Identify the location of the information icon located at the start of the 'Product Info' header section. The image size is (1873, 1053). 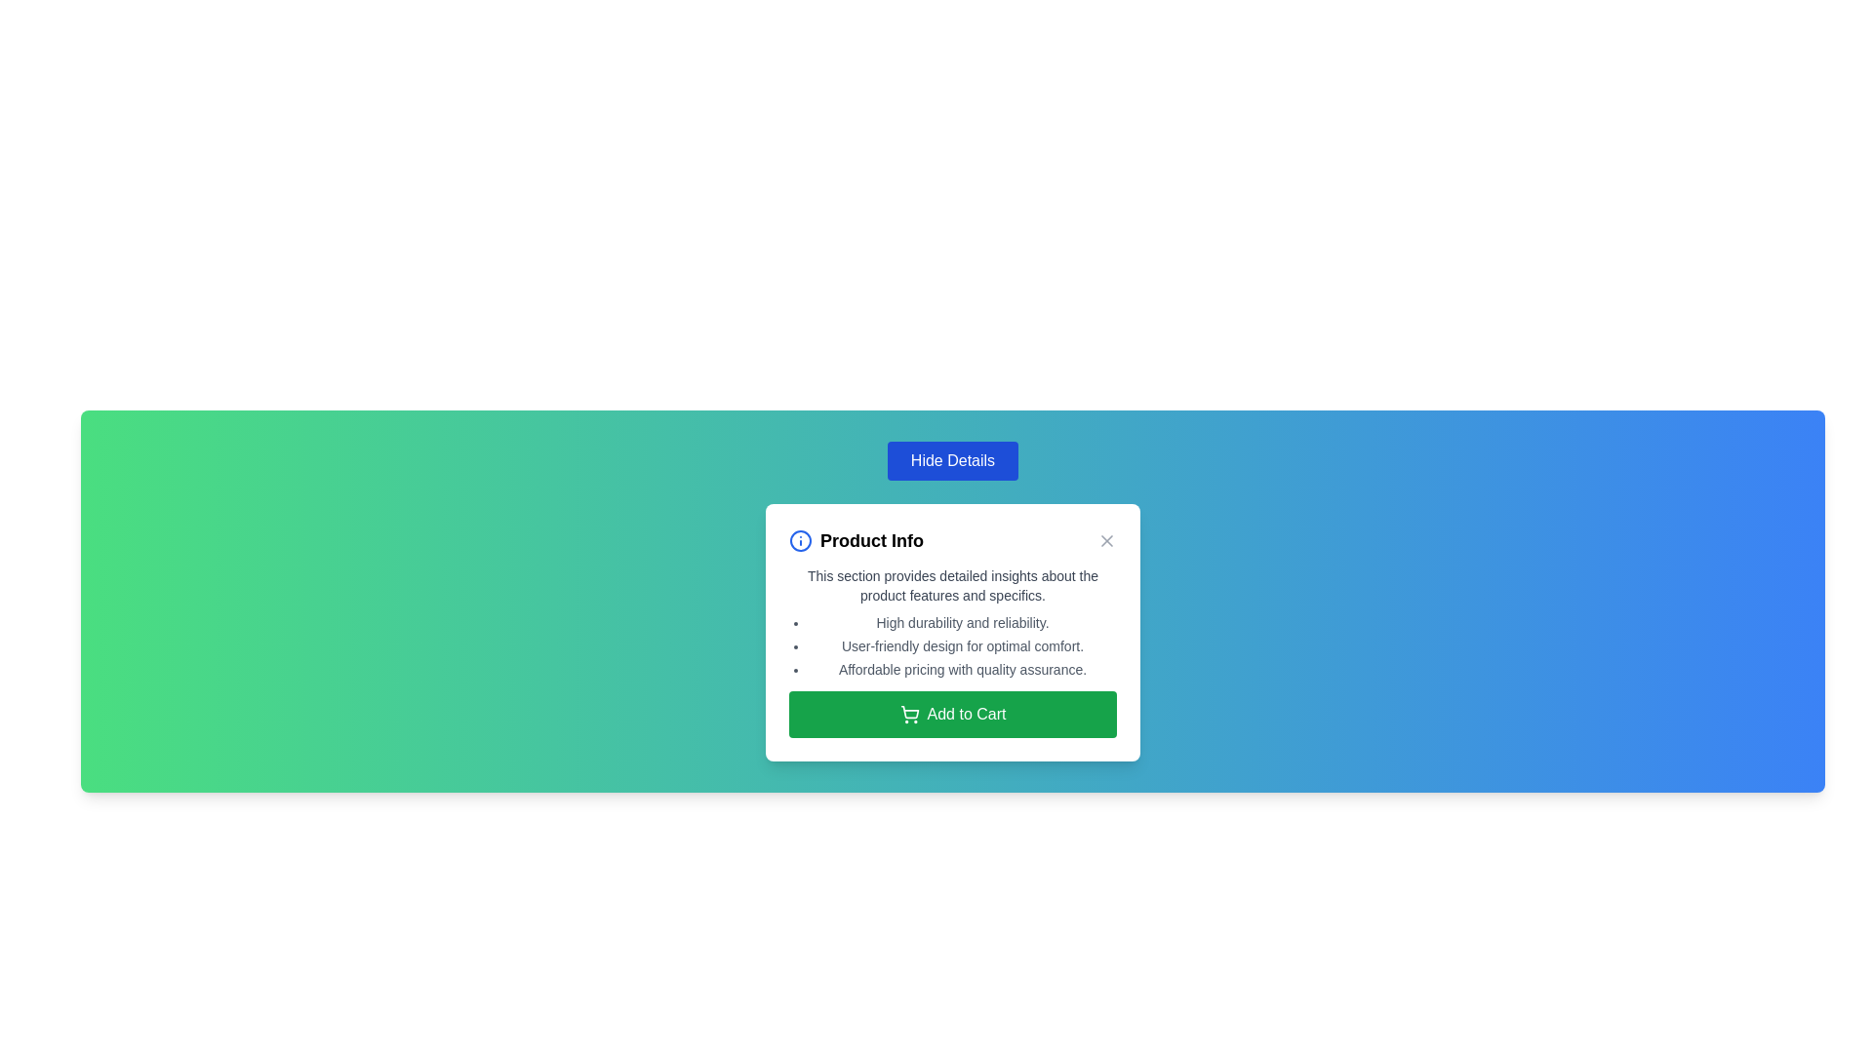
(800, 541).